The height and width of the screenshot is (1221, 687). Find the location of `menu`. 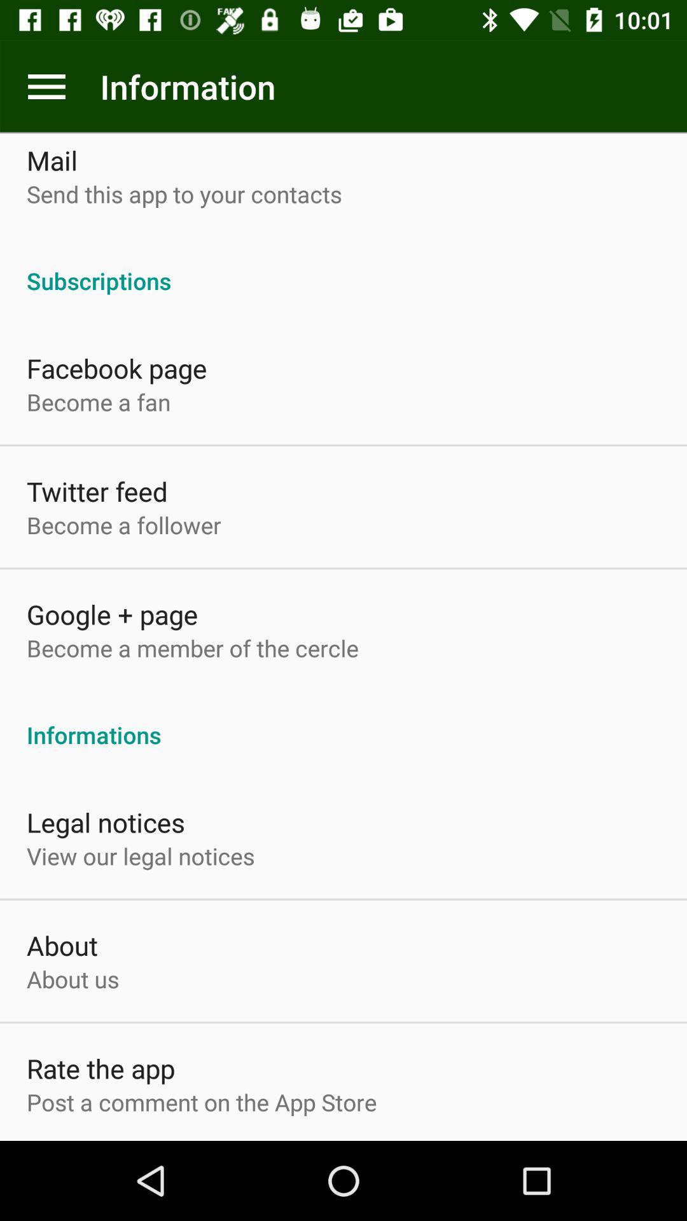

menu is located at coordinates (46, 86).